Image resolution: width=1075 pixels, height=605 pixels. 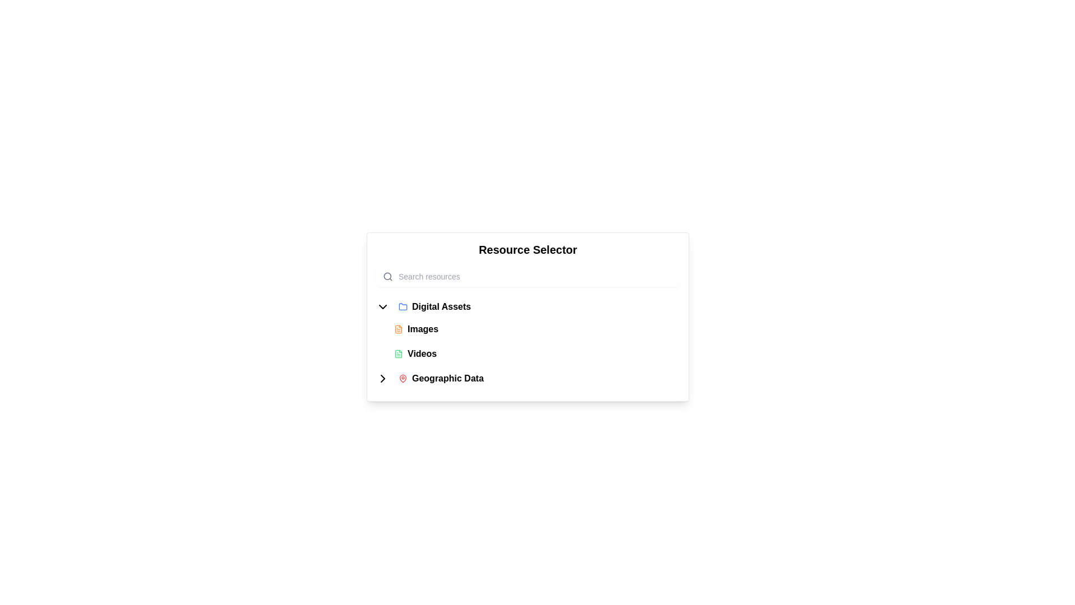 I want to click on the chevron-shaped navigational icon located near the top-left corner of the layout, adjacent to the 'Geographic Data' list entry, so click(x=383, y=378).